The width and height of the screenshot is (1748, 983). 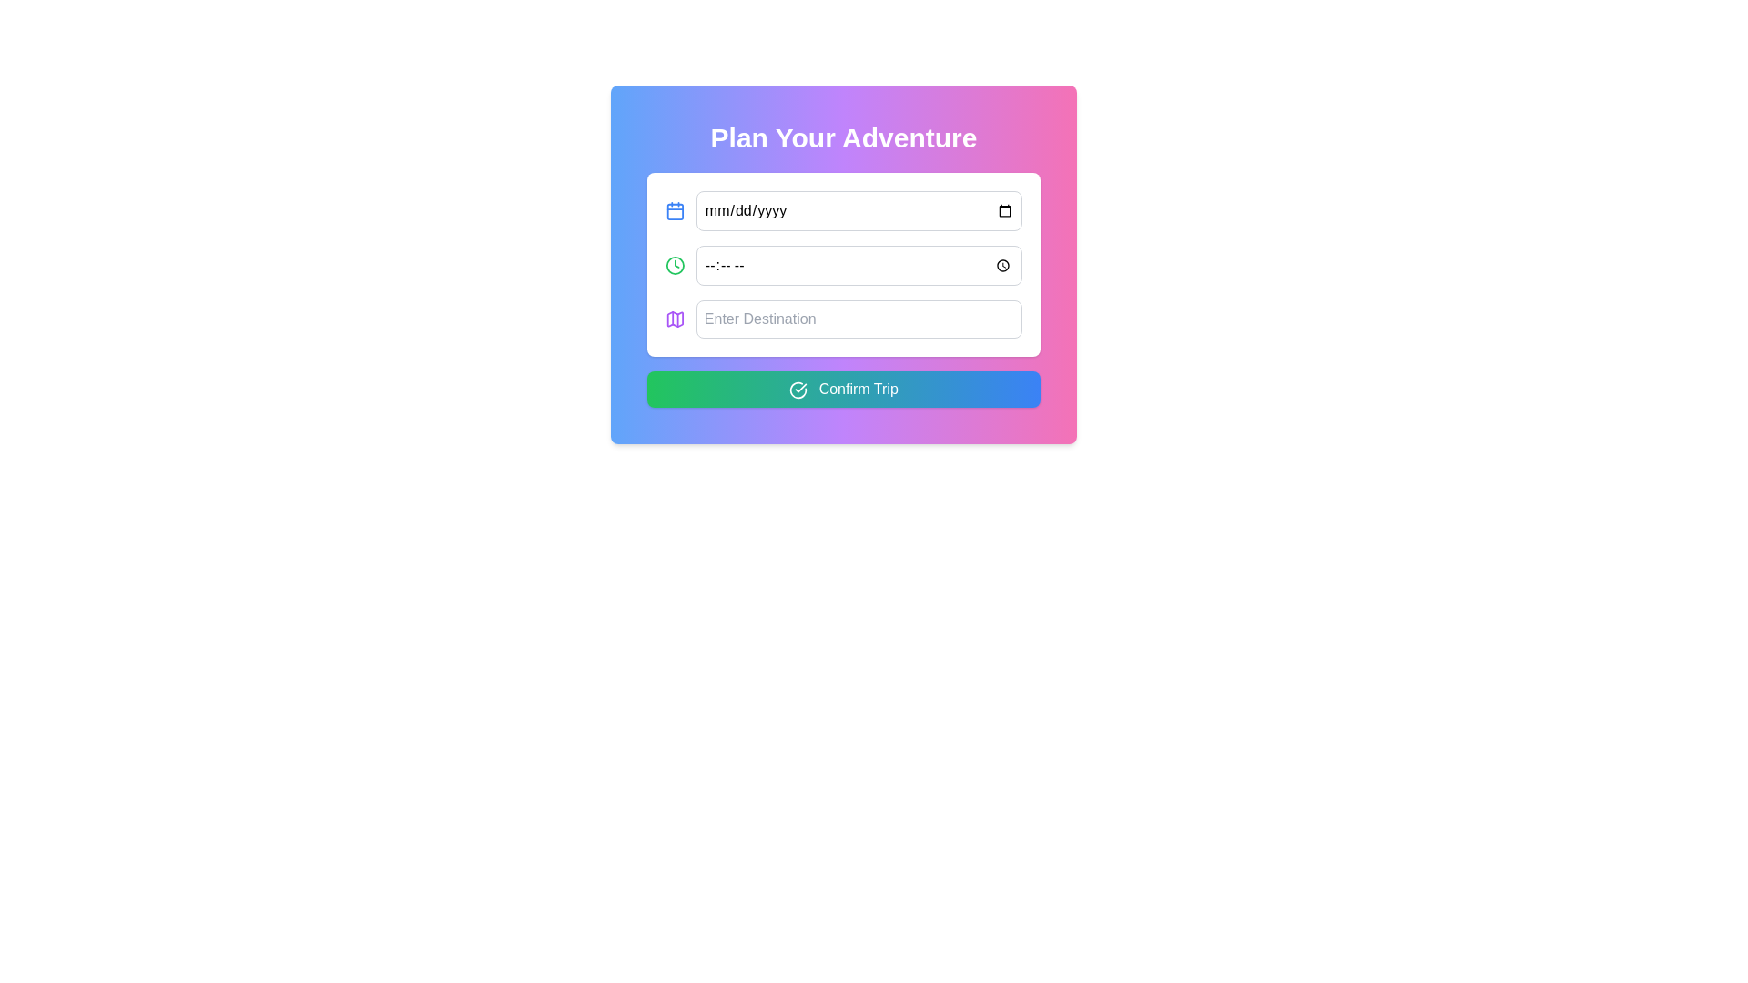 I want to click on the clock icon located to the left side of the time entry input field, which visually indicates the association with time entry, so click(x=674, y=266).